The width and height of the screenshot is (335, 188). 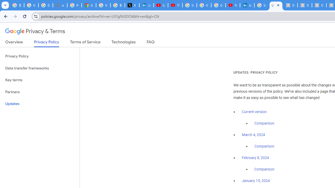 What do you see at coordinates (247, 5) in the screenshot?
I see `'Identity verification via Persona | LinkedIn Help'` at bounding box center [247, 5].